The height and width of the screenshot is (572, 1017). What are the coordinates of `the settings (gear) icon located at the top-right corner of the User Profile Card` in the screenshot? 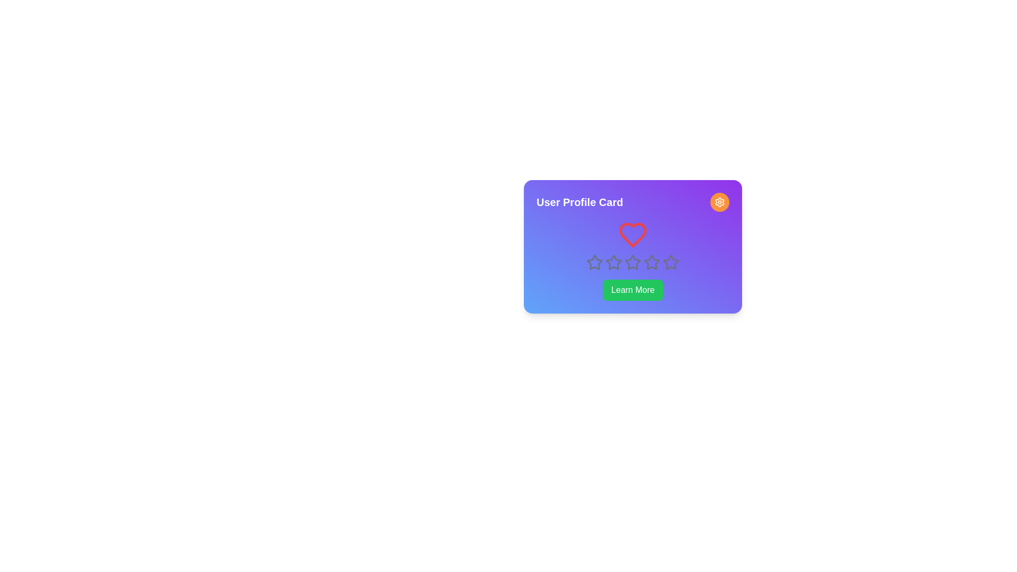 It's located at (719, 202).